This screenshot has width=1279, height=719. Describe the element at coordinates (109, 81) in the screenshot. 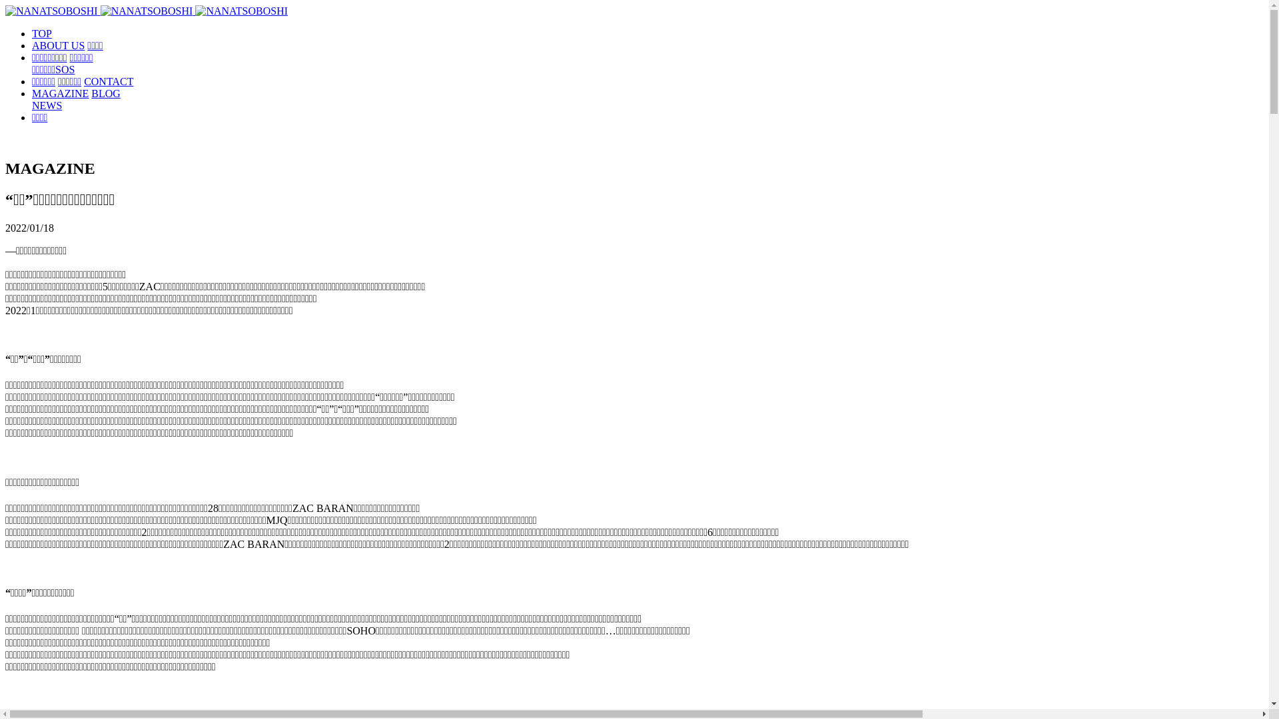

I see `'CONTACT'` at that location.